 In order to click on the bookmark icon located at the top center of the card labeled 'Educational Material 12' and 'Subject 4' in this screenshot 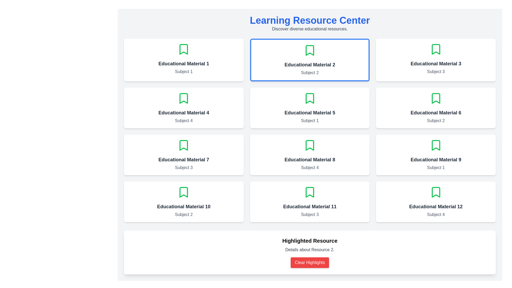, I will do `click(436, 192)`.